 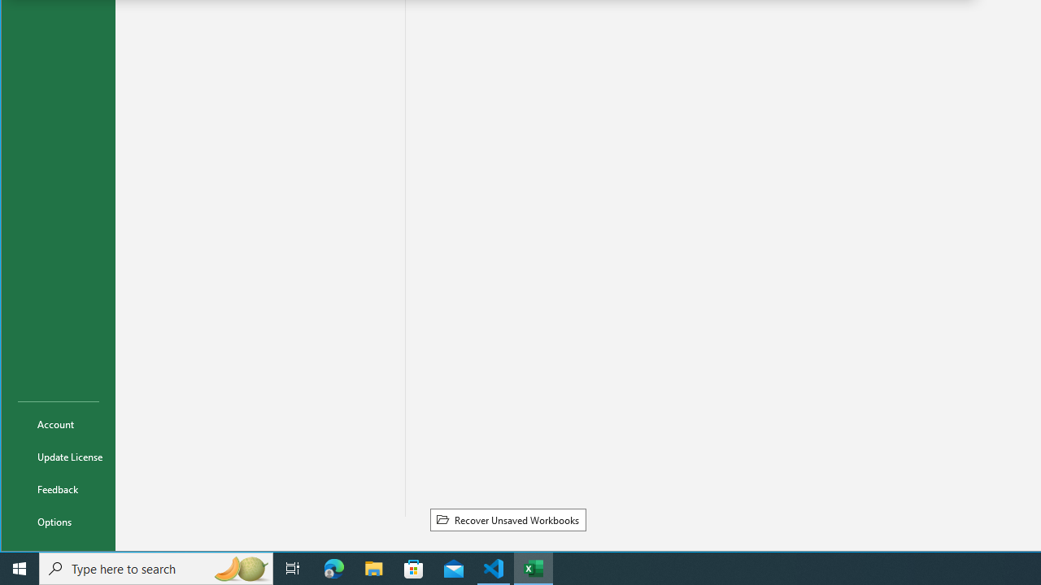 I want to click on 'Visual Studio Code - 1 running window', so click(x=493, y=567).